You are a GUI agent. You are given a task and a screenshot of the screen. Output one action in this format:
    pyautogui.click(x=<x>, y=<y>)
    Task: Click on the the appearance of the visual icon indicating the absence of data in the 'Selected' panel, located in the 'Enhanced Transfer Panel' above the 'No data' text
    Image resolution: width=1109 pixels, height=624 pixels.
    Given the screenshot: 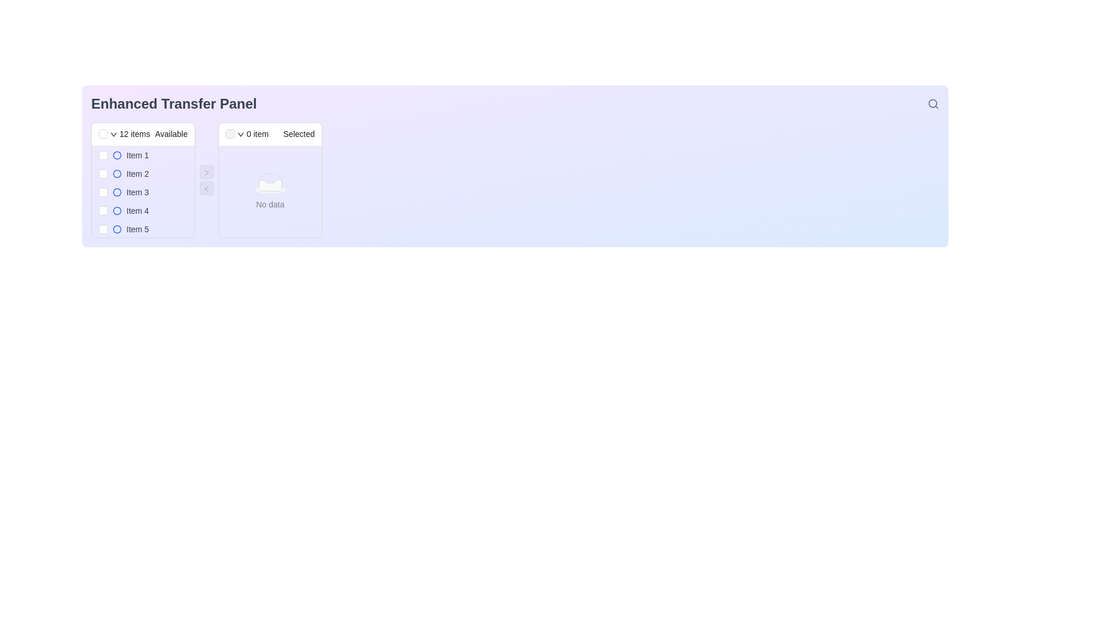 What is the action you would take?
    pyautogui.click(x=269, y=182)
    